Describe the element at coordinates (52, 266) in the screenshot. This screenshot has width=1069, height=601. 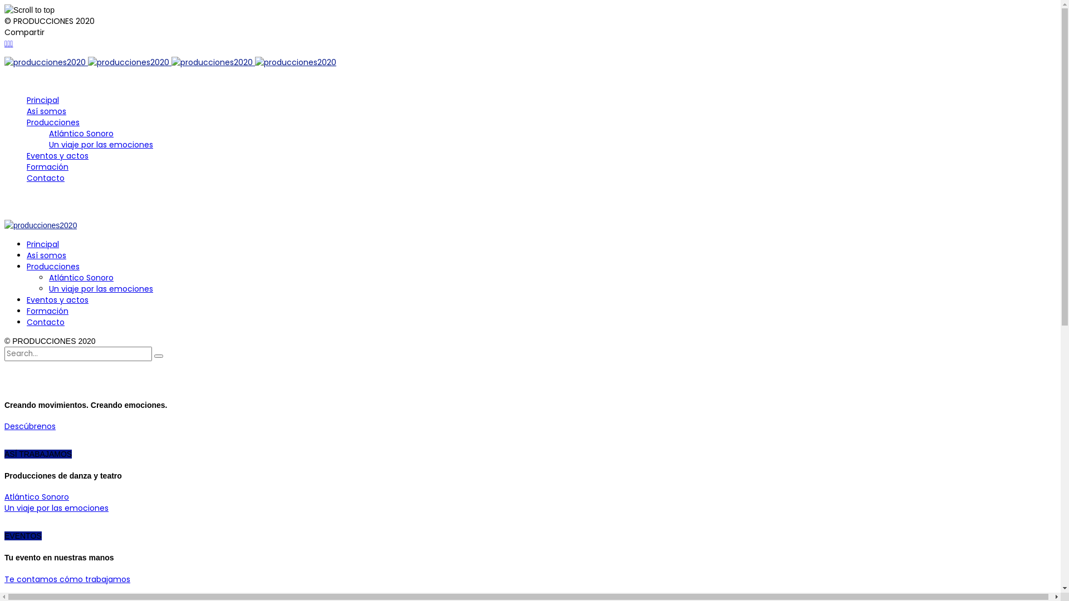
I see `'Producciones'` at that location.